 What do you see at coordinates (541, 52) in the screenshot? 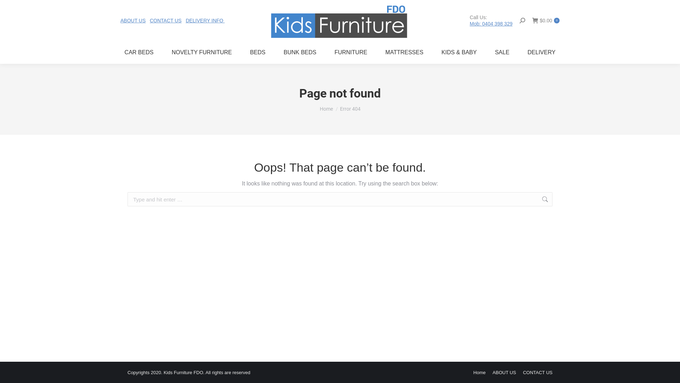
I see `'DELIVERY'` at bounding box center [541, 52].